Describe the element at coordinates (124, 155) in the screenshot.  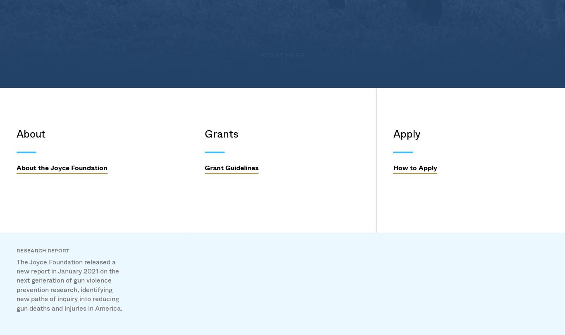
I see `'History'` at that location.